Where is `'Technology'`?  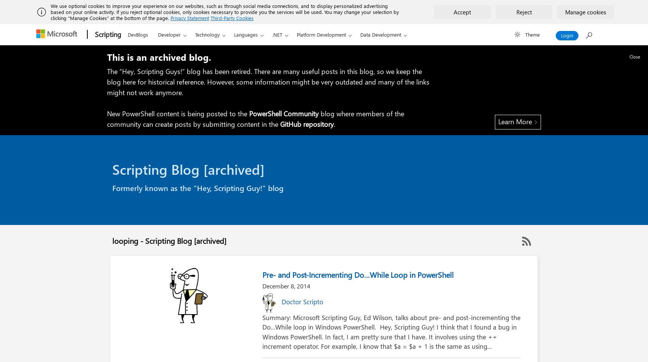
'Technology' is located at coordinates (207, 34).